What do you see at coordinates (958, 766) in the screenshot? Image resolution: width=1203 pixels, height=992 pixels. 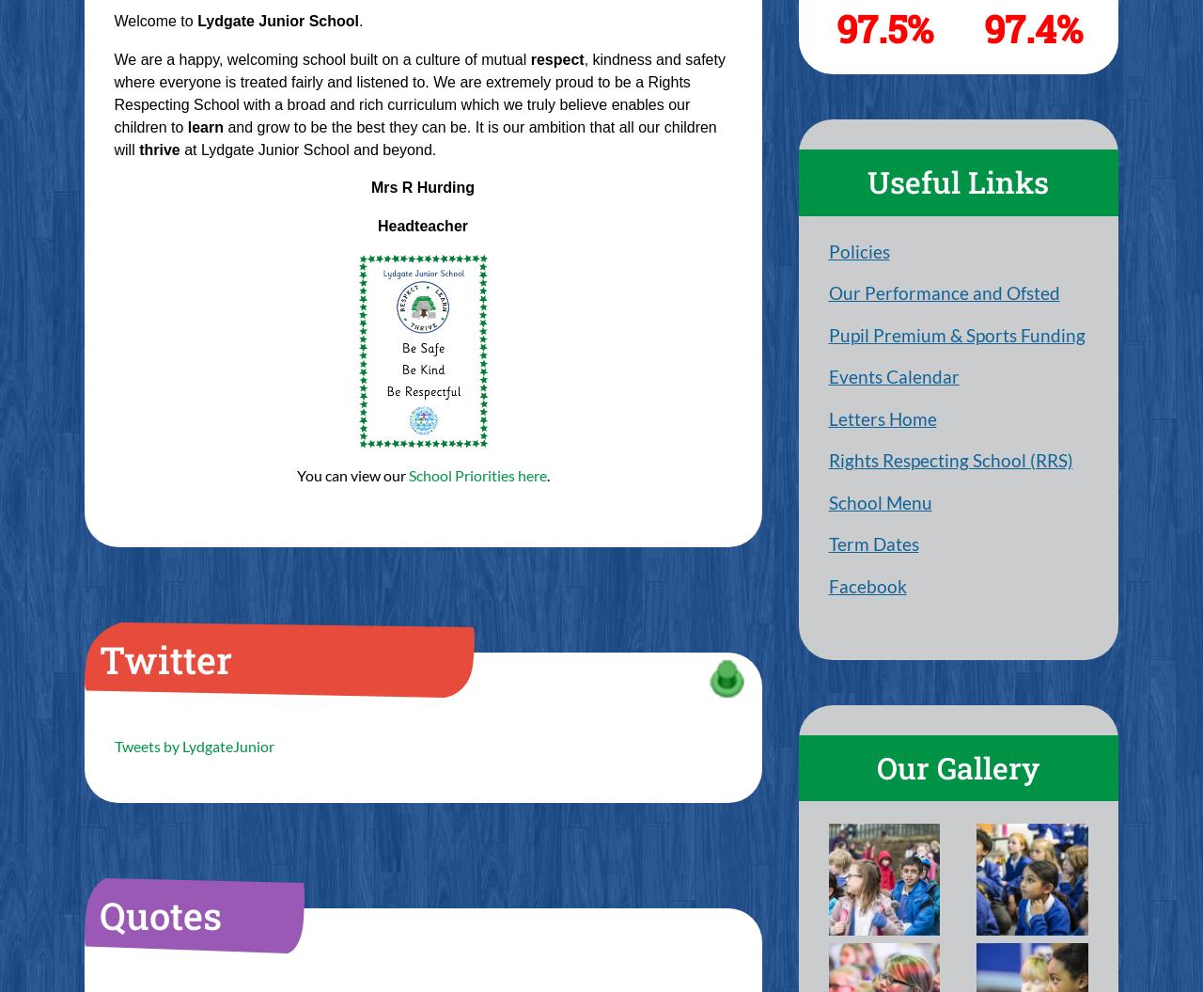 I see `'Our Gallery'` at bounding box center [958, 766].